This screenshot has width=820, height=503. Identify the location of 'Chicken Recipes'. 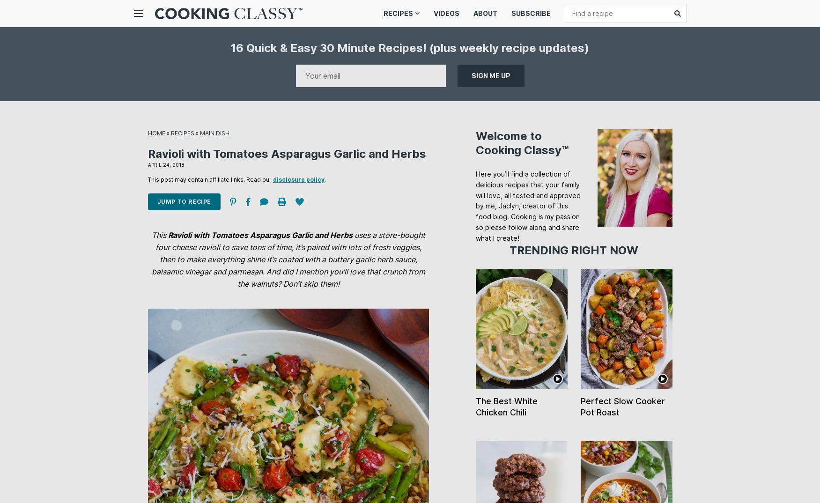
(414, 80).